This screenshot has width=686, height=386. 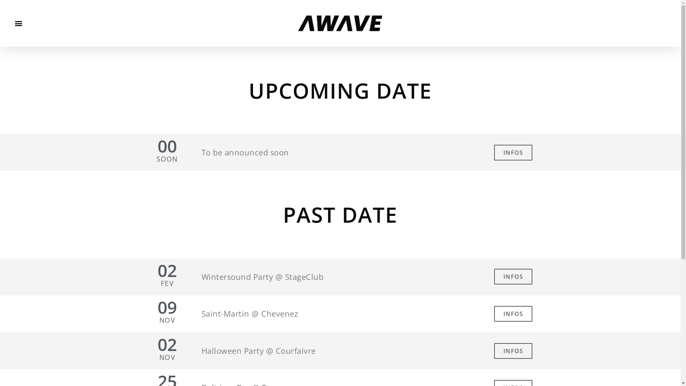 What do you see at coordinates (513, 152) in the screenshot?
I see `'INFOS'` at bounding box center [513, 152].